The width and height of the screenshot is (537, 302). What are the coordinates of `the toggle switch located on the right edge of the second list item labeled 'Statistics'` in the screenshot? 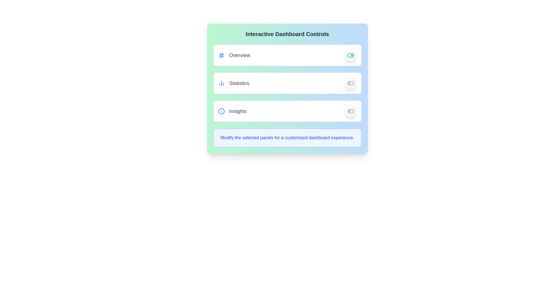 It's located at (350, 83).